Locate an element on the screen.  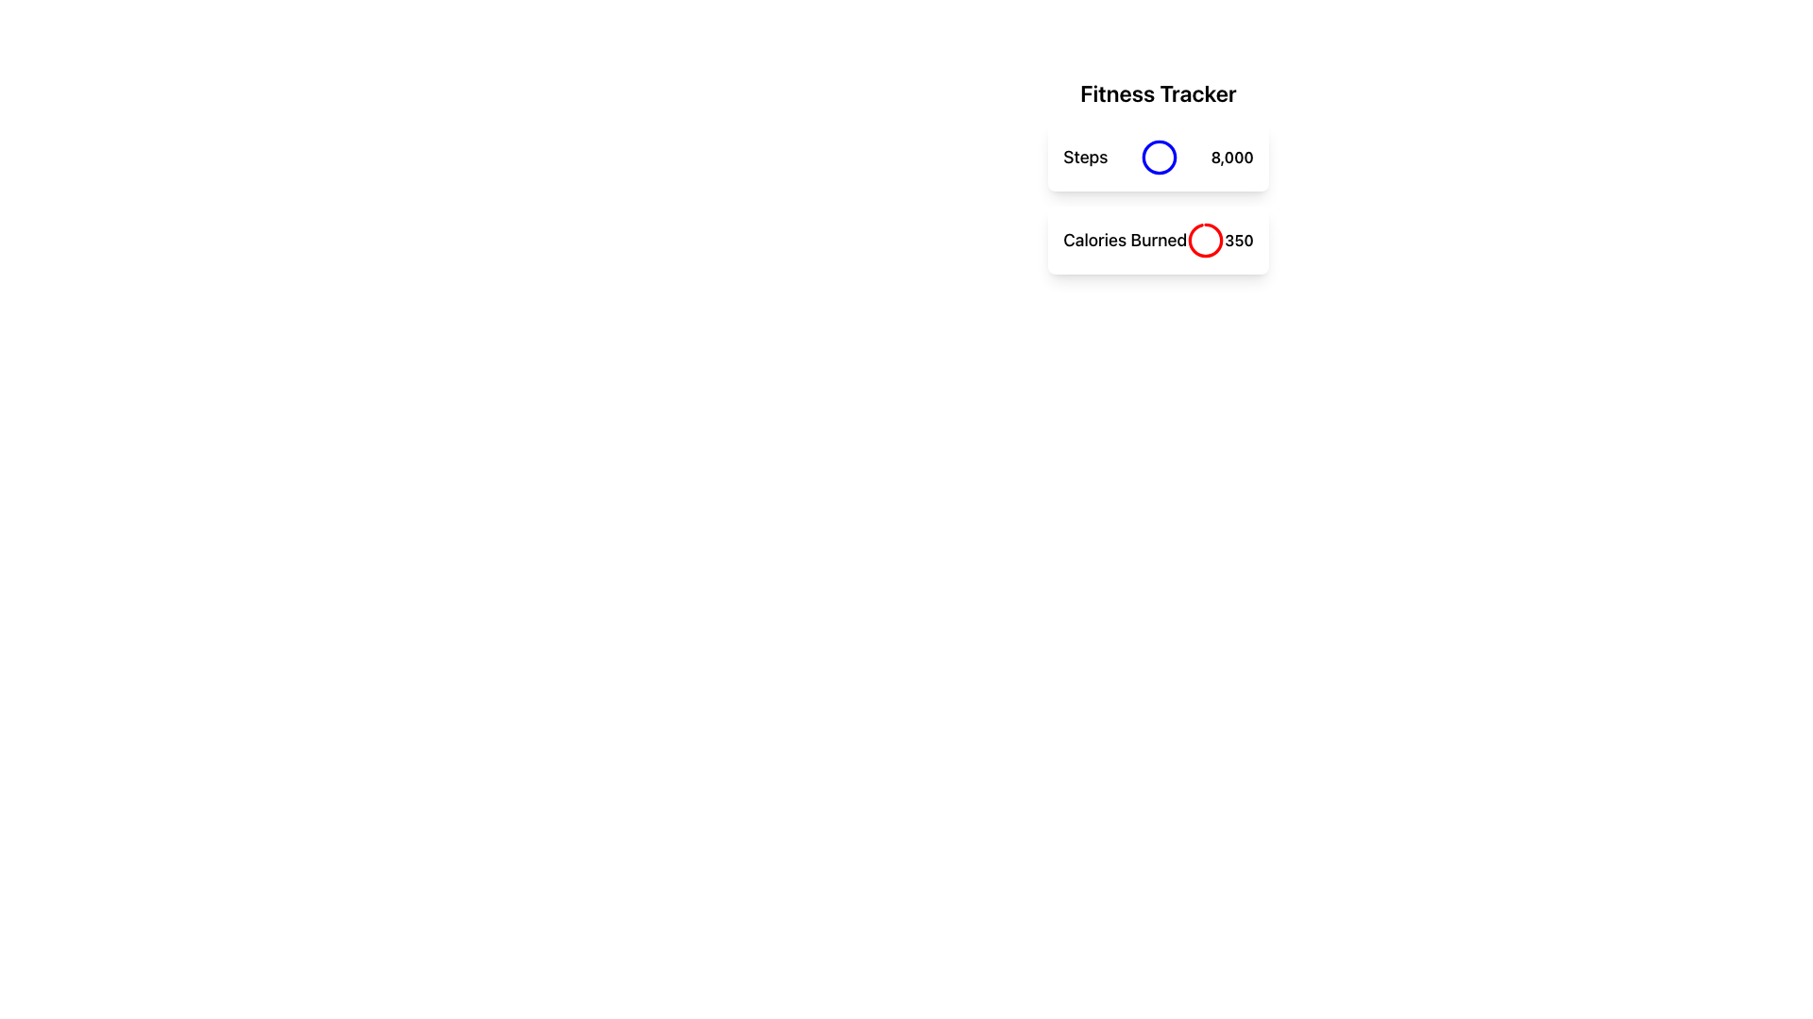
the second circular indicator in the 'Fitness Tracker' section which represents 'Calories Burned' is located at coordinates (1205, 239).